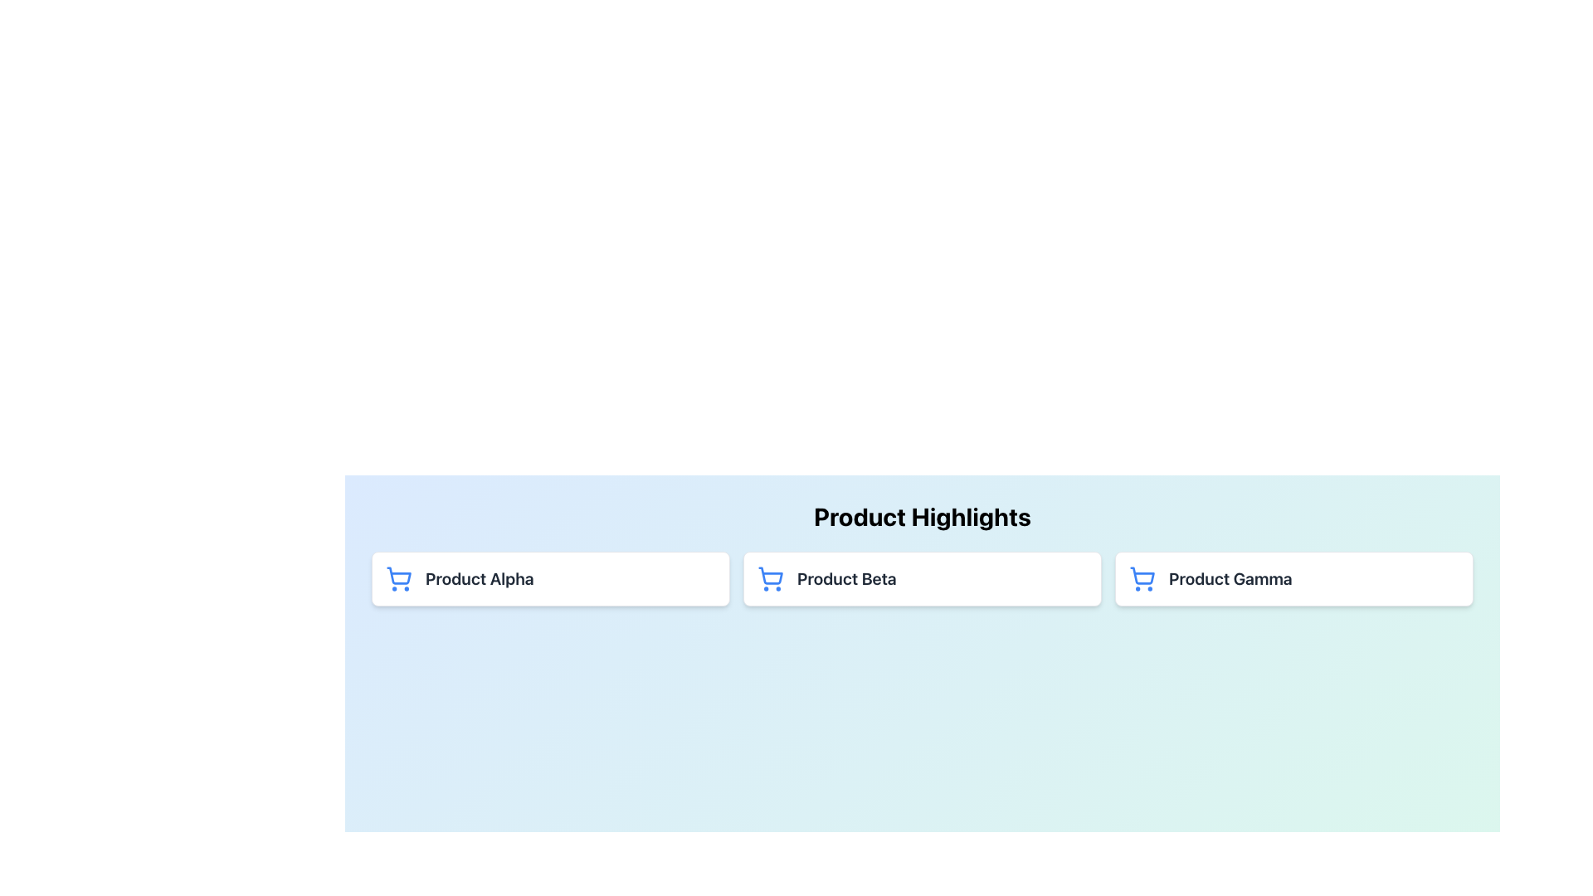 The width and height of the screenshot is (1593, 896). I want to click on the text label identifying 'Product Beta' within the 'Product Highlights' section, which is the second item in a horizontal list and is located next to a shopping cart icon, so click(846, 578).